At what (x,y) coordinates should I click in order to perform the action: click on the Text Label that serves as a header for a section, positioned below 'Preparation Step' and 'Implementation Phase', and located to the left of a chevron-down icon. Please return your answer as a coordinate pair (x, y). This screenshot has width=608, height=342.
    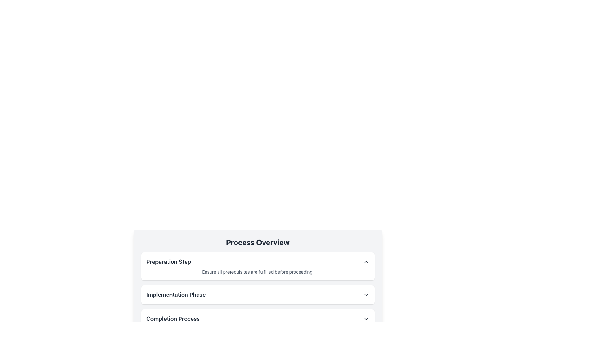
    Looking at the image, I should click on (173, 319).